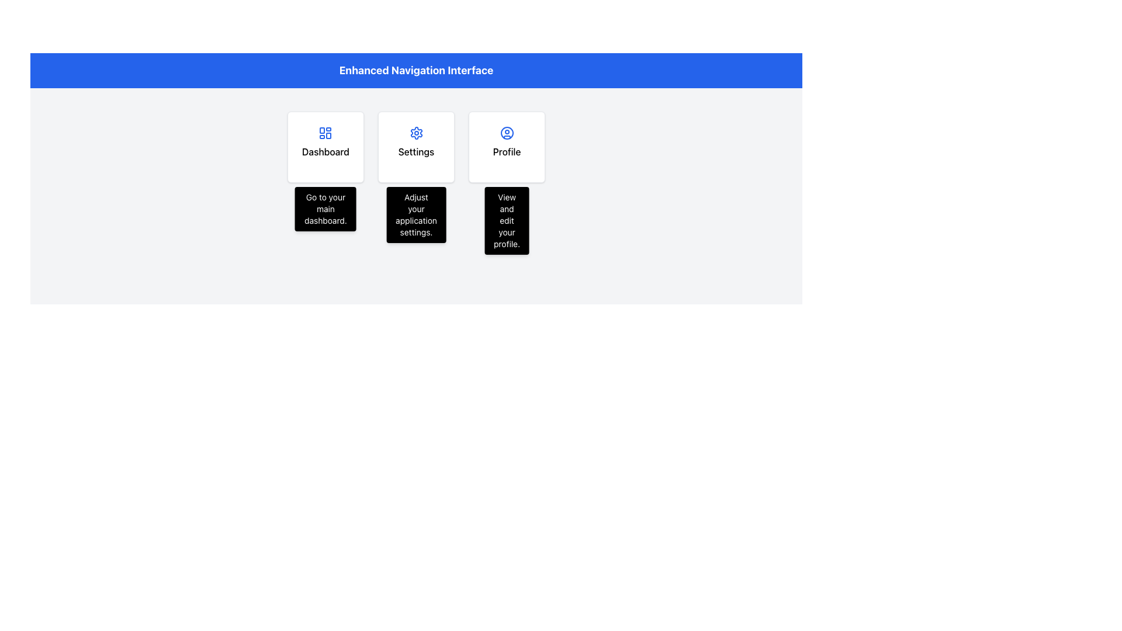 The height and width of the screenshot is (631, 1122). Describe the element at coordinates (416, 146) in the screenshot. I see `the central button in the Enhanced Navigation Interface, located between 'Dashboard' and 'Profile'` at that location.